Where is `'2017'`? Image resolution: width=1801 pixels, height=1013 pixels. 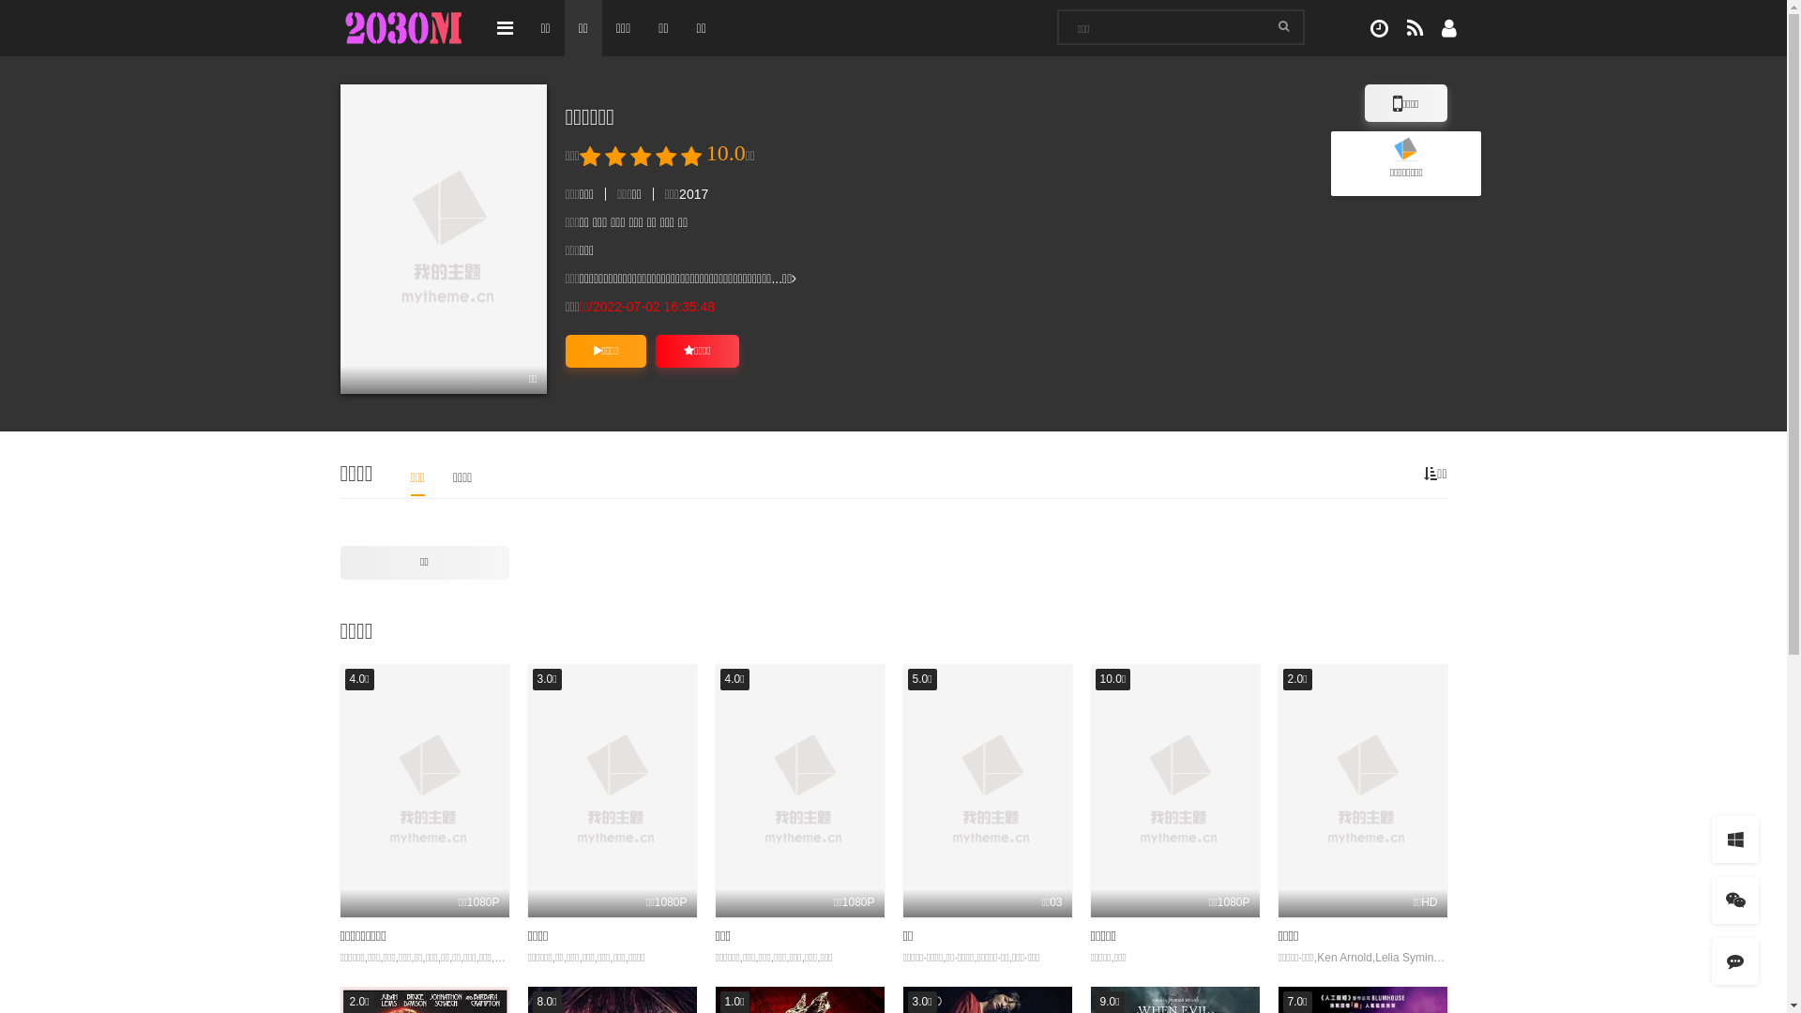 '2017' is located at coordinates (692, 194).